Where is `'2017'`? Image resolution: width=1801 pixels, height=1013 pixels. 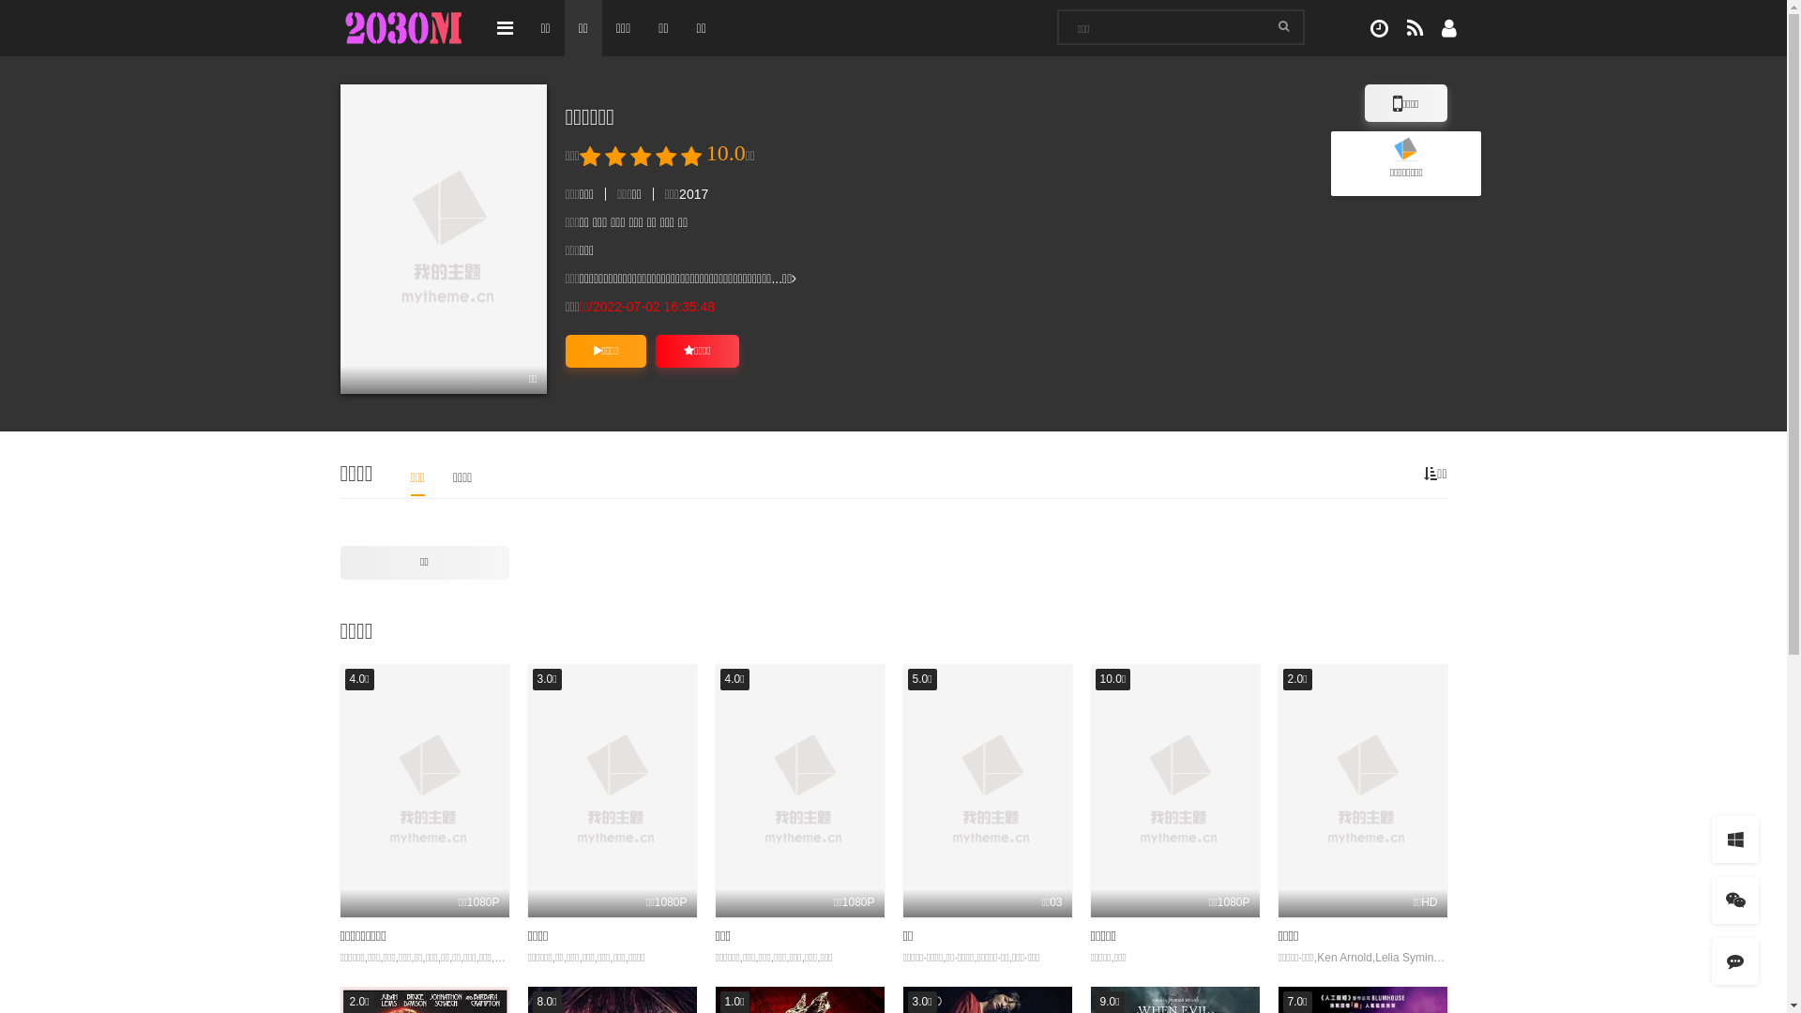 '2017' is located at coordinates (692, 194).